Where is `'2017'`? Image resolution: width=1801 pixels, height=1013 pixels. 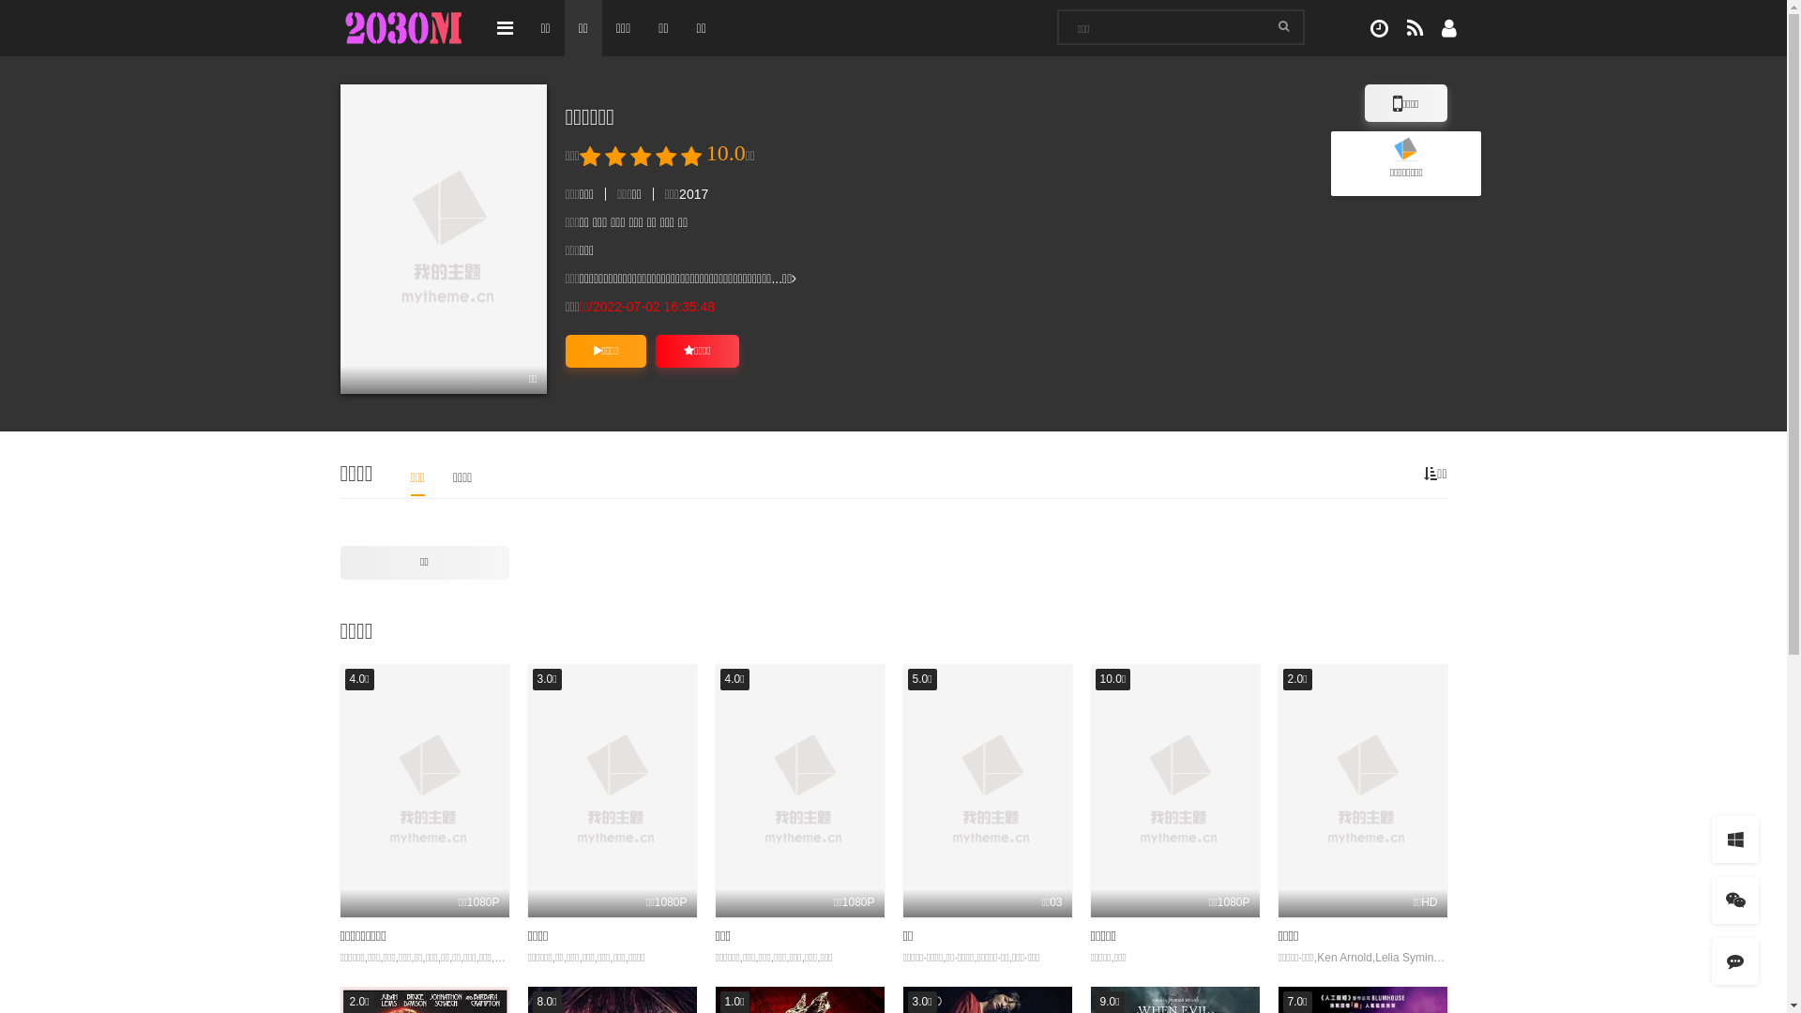 '2017' is located at coordinates (692, 194).